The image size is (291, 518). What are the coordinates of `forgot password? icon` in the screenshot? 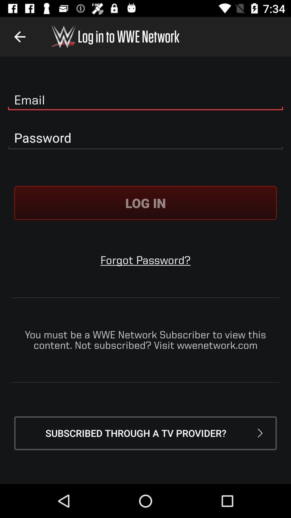 It's located at (145, 260).